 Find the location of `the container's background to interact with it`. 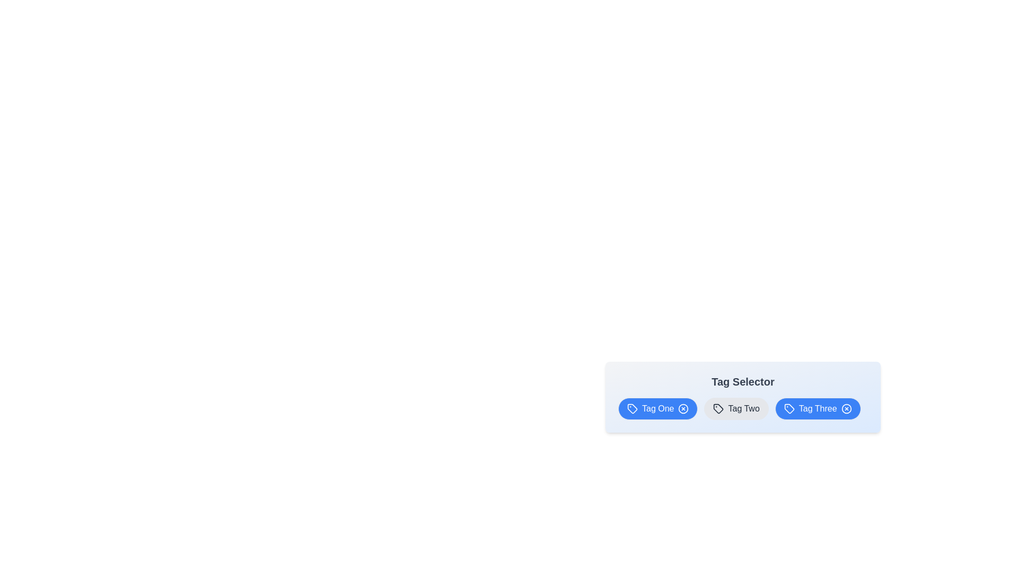

the container's background to interact with it is located at coordinates (742, 397).